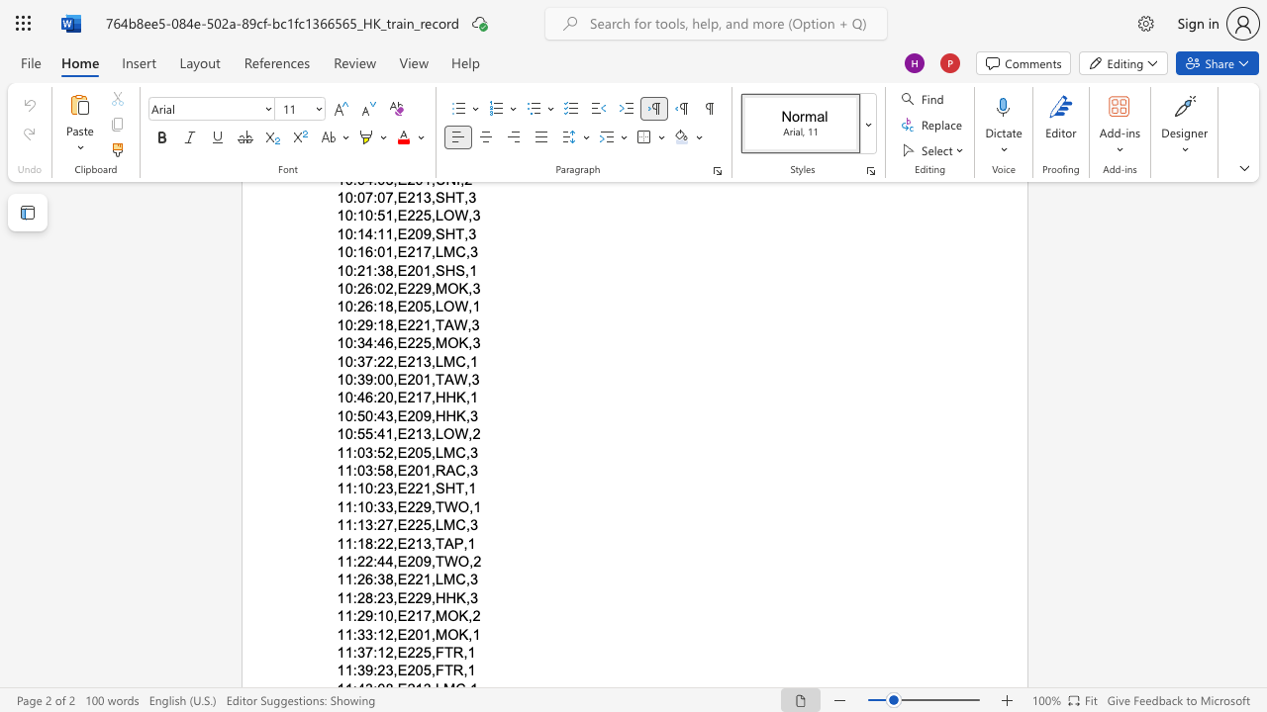 This screenshot has width=1267, height=712. I want to click on the subset text "11:10:33,E229" within the text "11:10:33,E229,TWO,1", so click(337, 505).